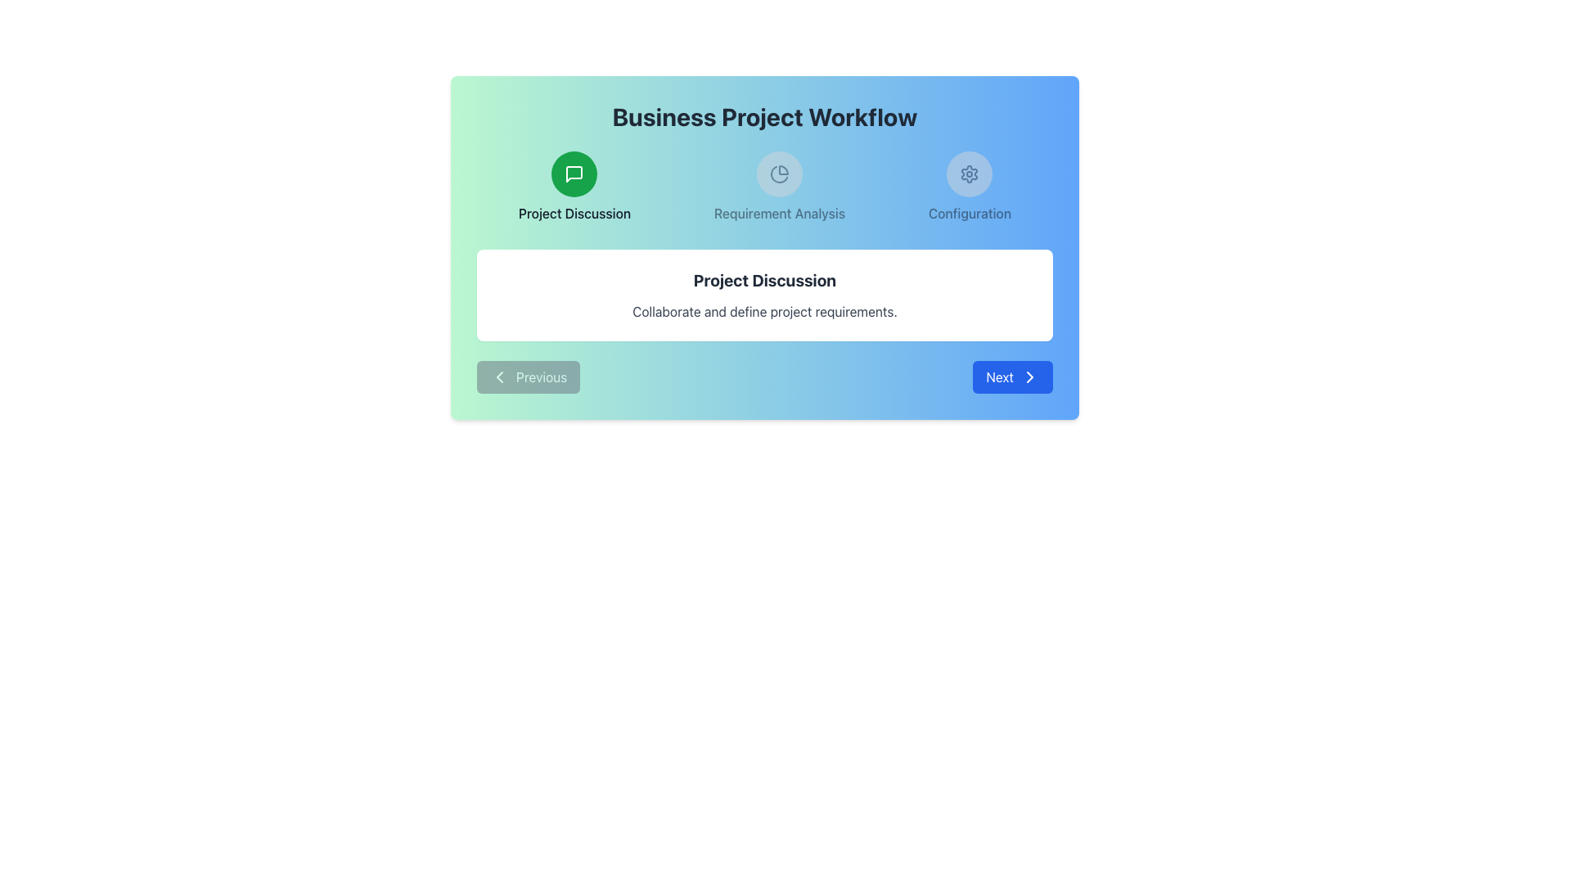 The width and height of the screenshot is (1571, 884). I want to click on the text label that serves as a descriptor for a configuration or settings step, located in the upper-right section of the interface, beneath the gear icon, so click(970, 213).